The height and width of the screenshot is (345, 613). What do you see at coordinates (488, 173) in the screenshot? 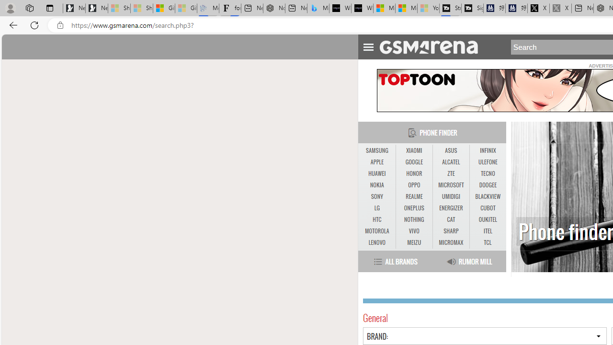
I see `'TECNO'` at bounding box center [488, 173].